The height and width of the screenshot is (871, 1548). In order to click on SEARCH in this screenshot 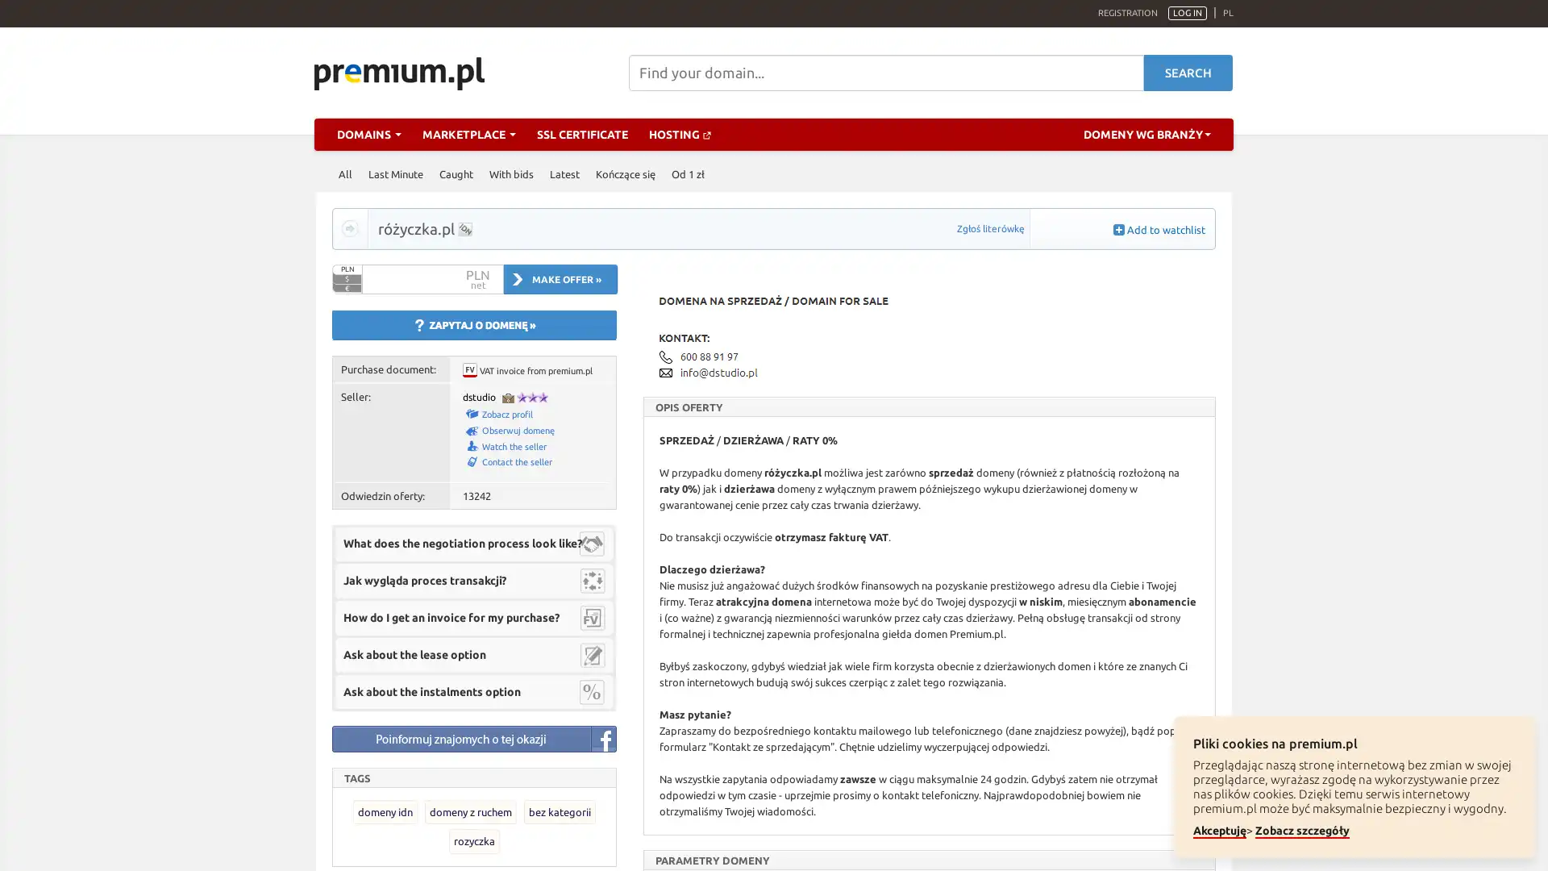, I will do `click(1188, 73)`.